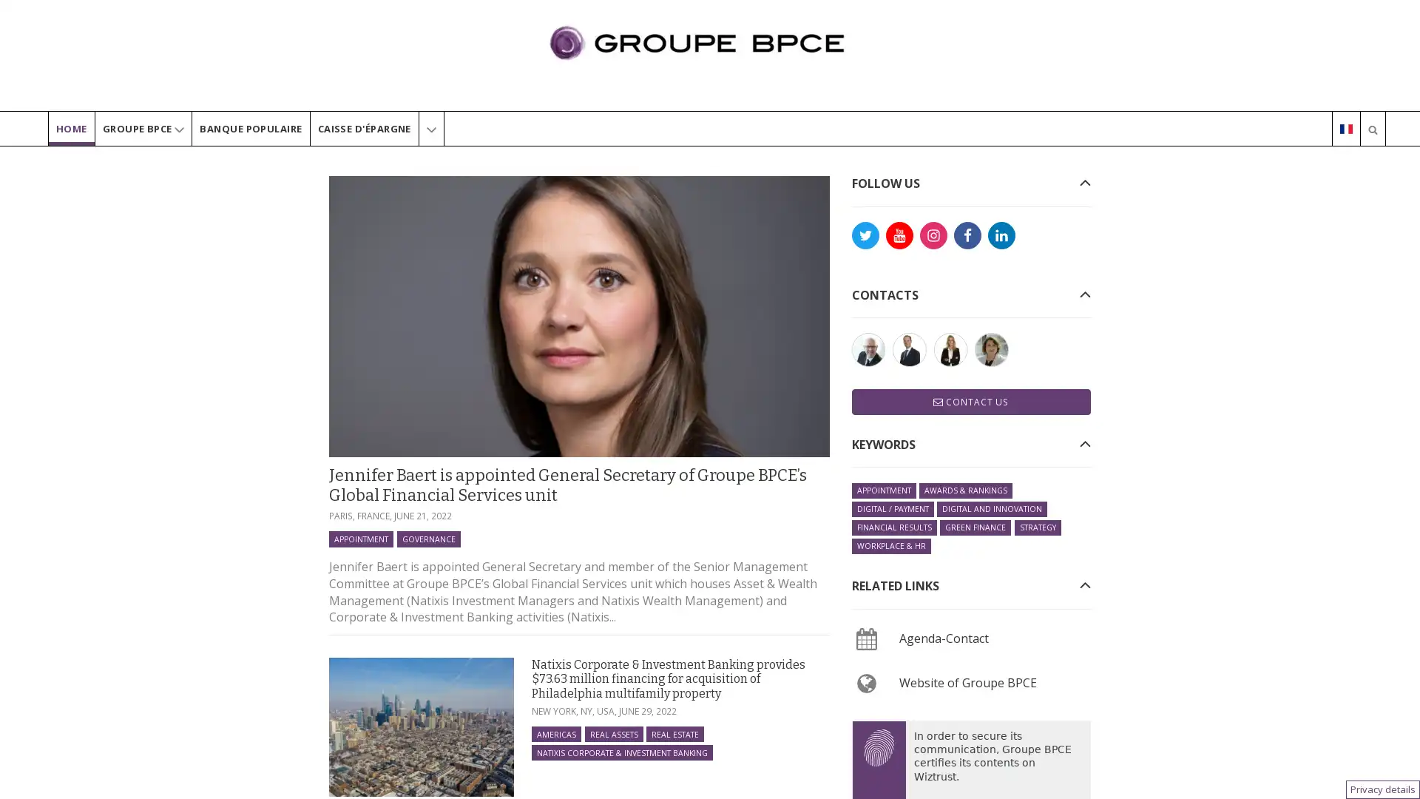 Image resolution: width=1420 pixels, height=799 pixels. I want to click on FOLLOW US, so click(885, 182).